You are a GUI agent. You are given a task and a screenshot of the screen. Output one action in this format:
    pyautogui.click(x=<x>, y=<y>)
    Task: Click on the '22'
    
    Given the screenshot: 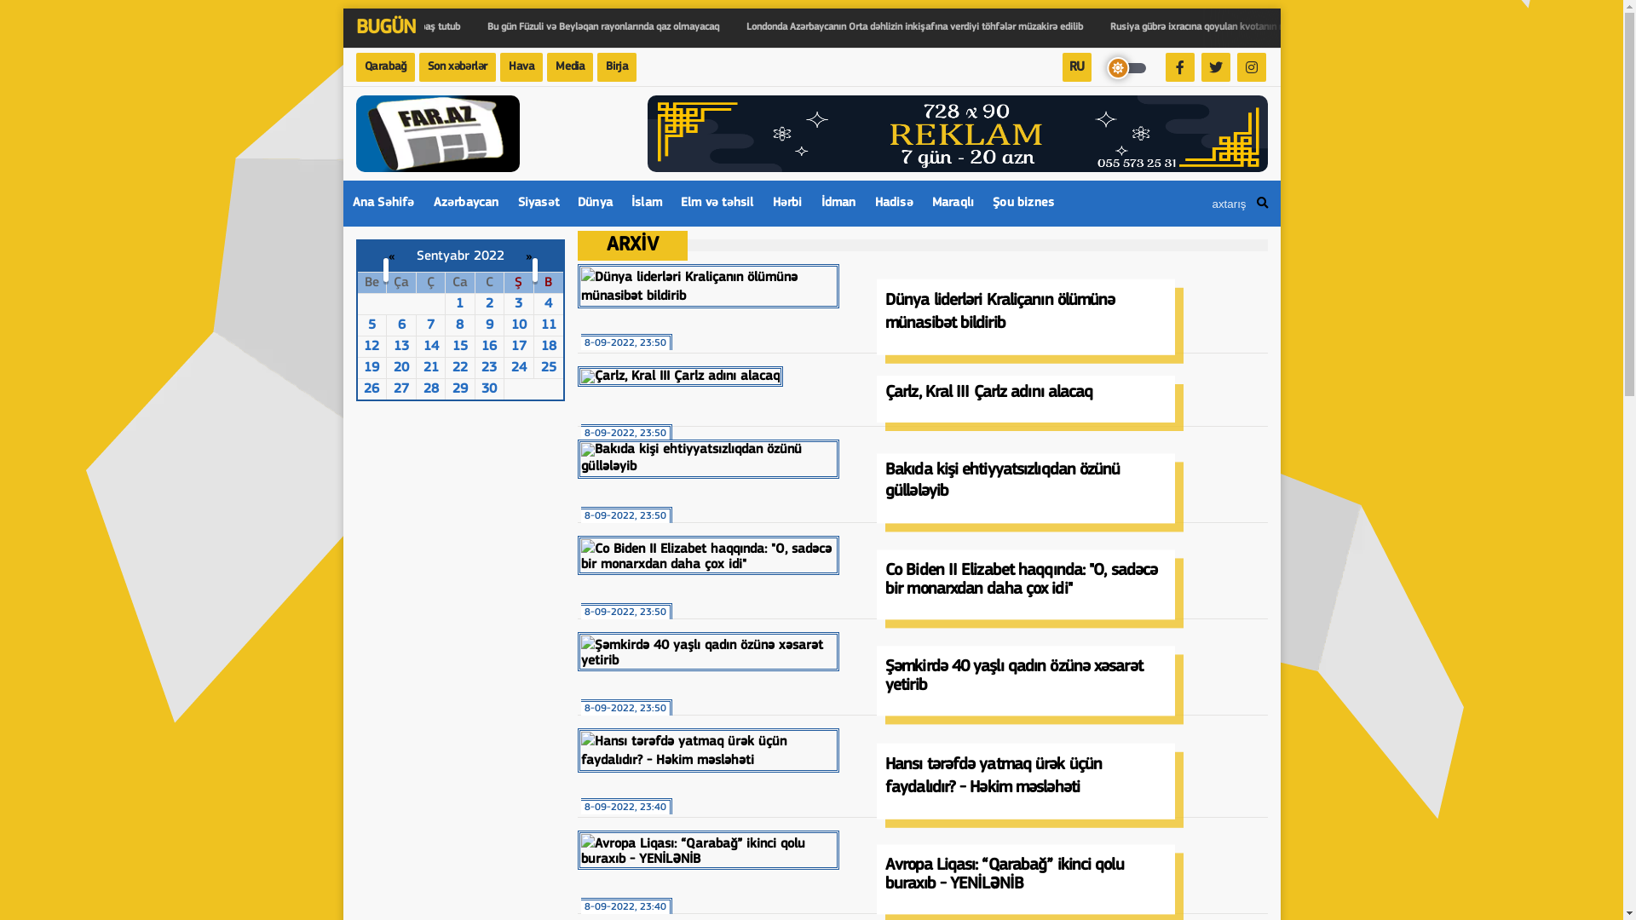 What is the action you would take?
    pyautogui.click(x=459, y=367)
    